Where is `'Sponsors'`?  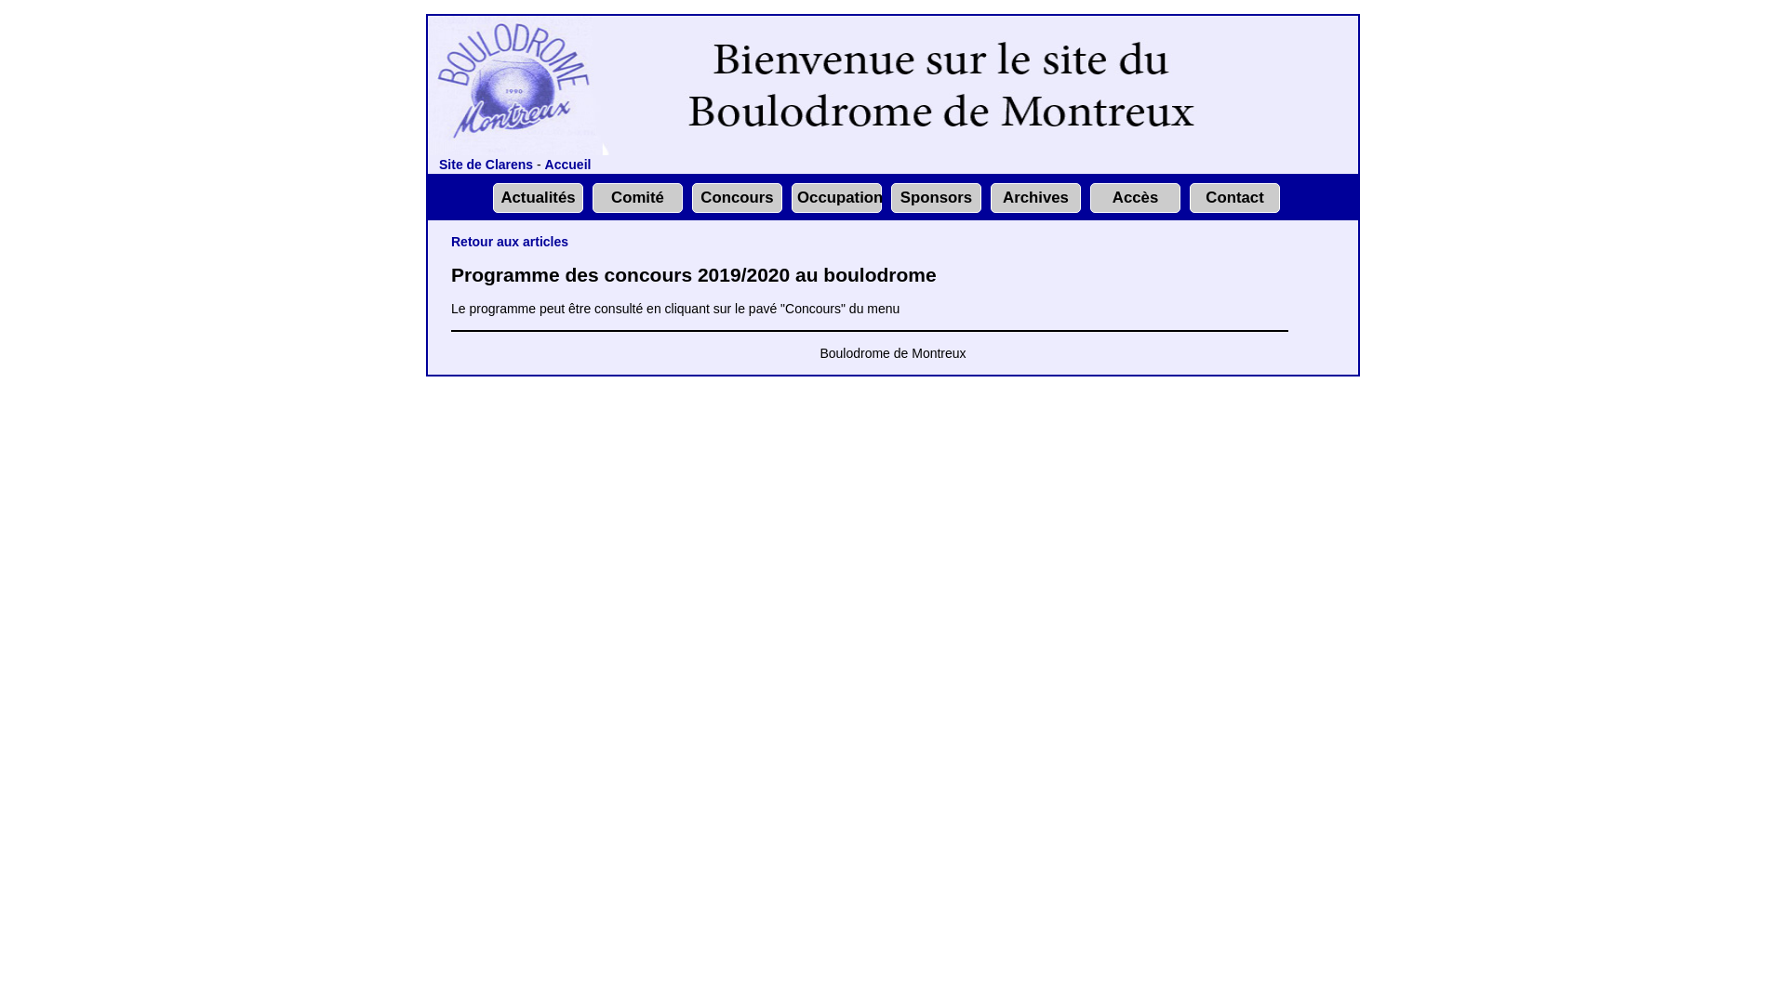 'Sponsors' is located at coordinates (936, 197).